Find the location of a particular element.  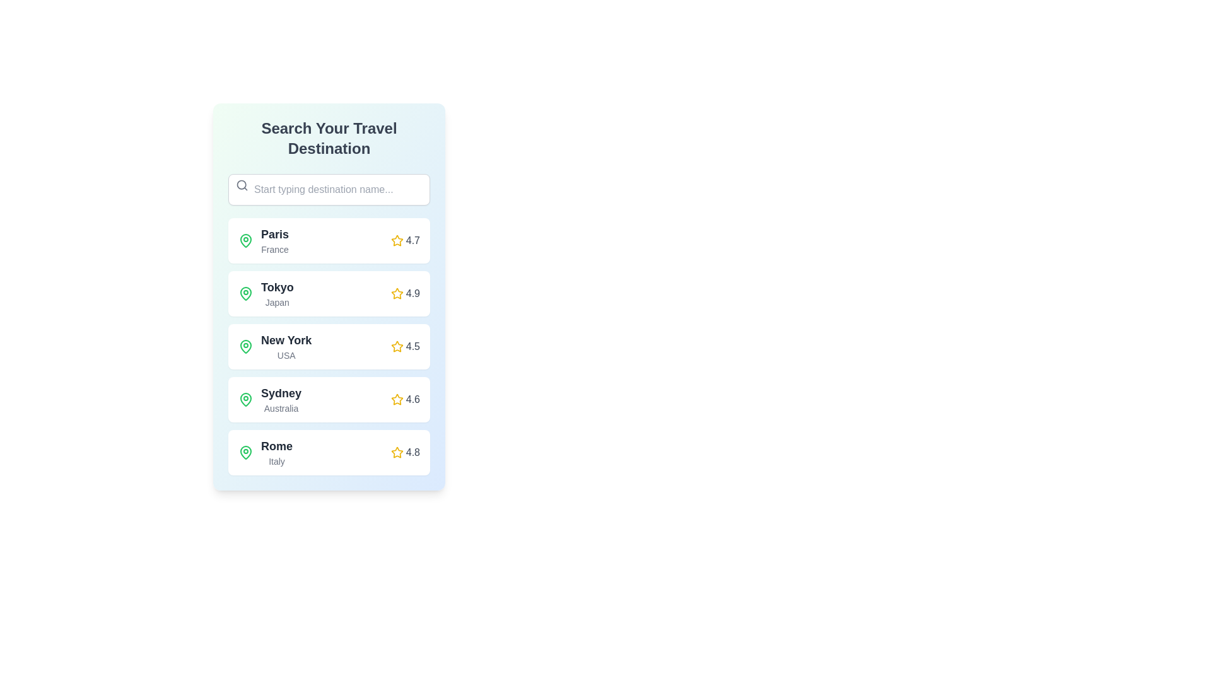

the text label displaying 'France' located beneath the larger text 'Paris' in the travel destination list is located at coordinates (274, 250).